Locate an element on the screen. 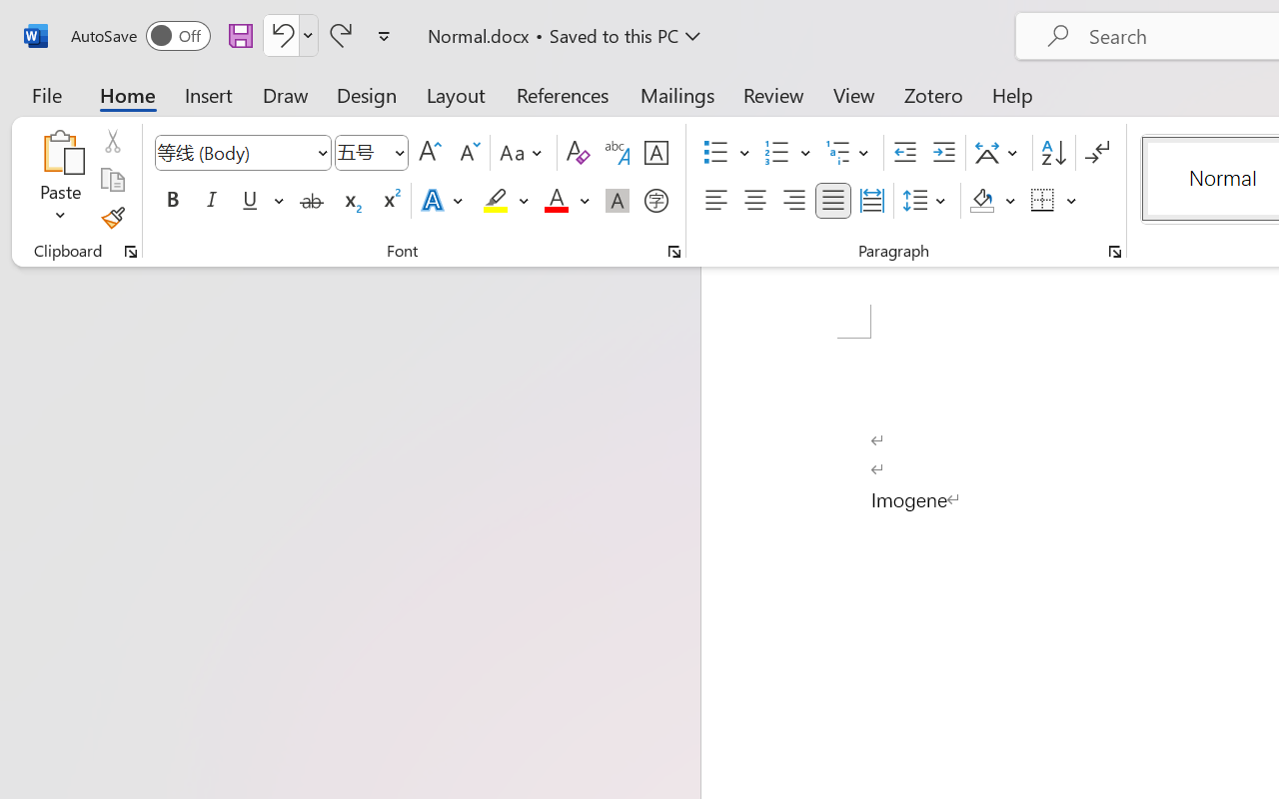  'Bold' is located at coordinates (172, 201).